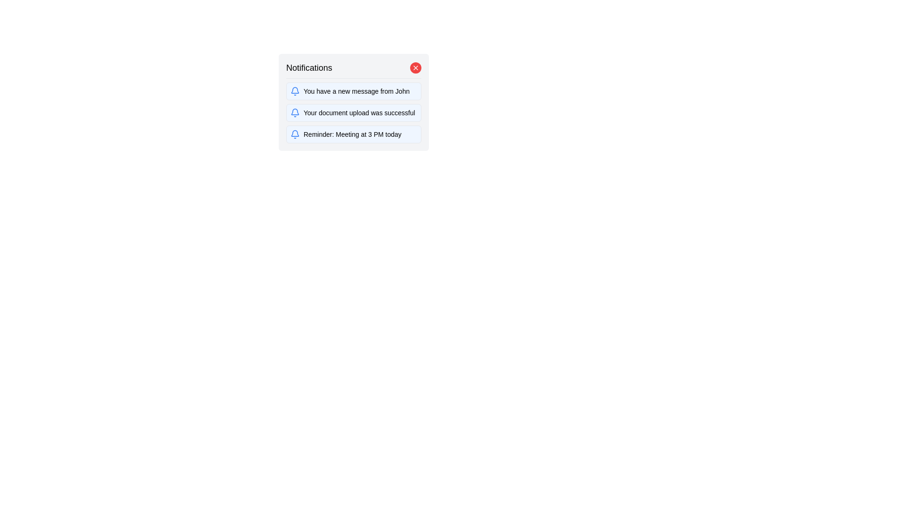 The height and width of the screenshot is (506, 901). Describe the element at coordinates (353, 134) in the screenshot. I see `text content of the Notification card that reminds the user of a meeting scheduled at 3 PM today, located at the bottom-most position in the notification list` at that location.